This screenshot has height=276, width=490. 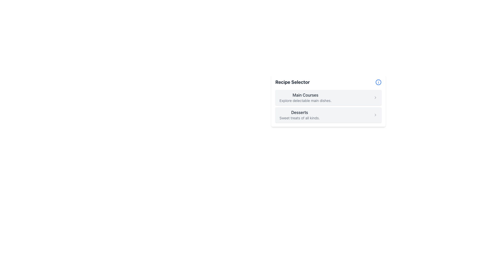 I want to click on the text element reading 'Sweet treats of all kinds.' which serves as a subtitle under the 'Desserts' heading in the Recipe Selector section, so click(x=300, y=118).